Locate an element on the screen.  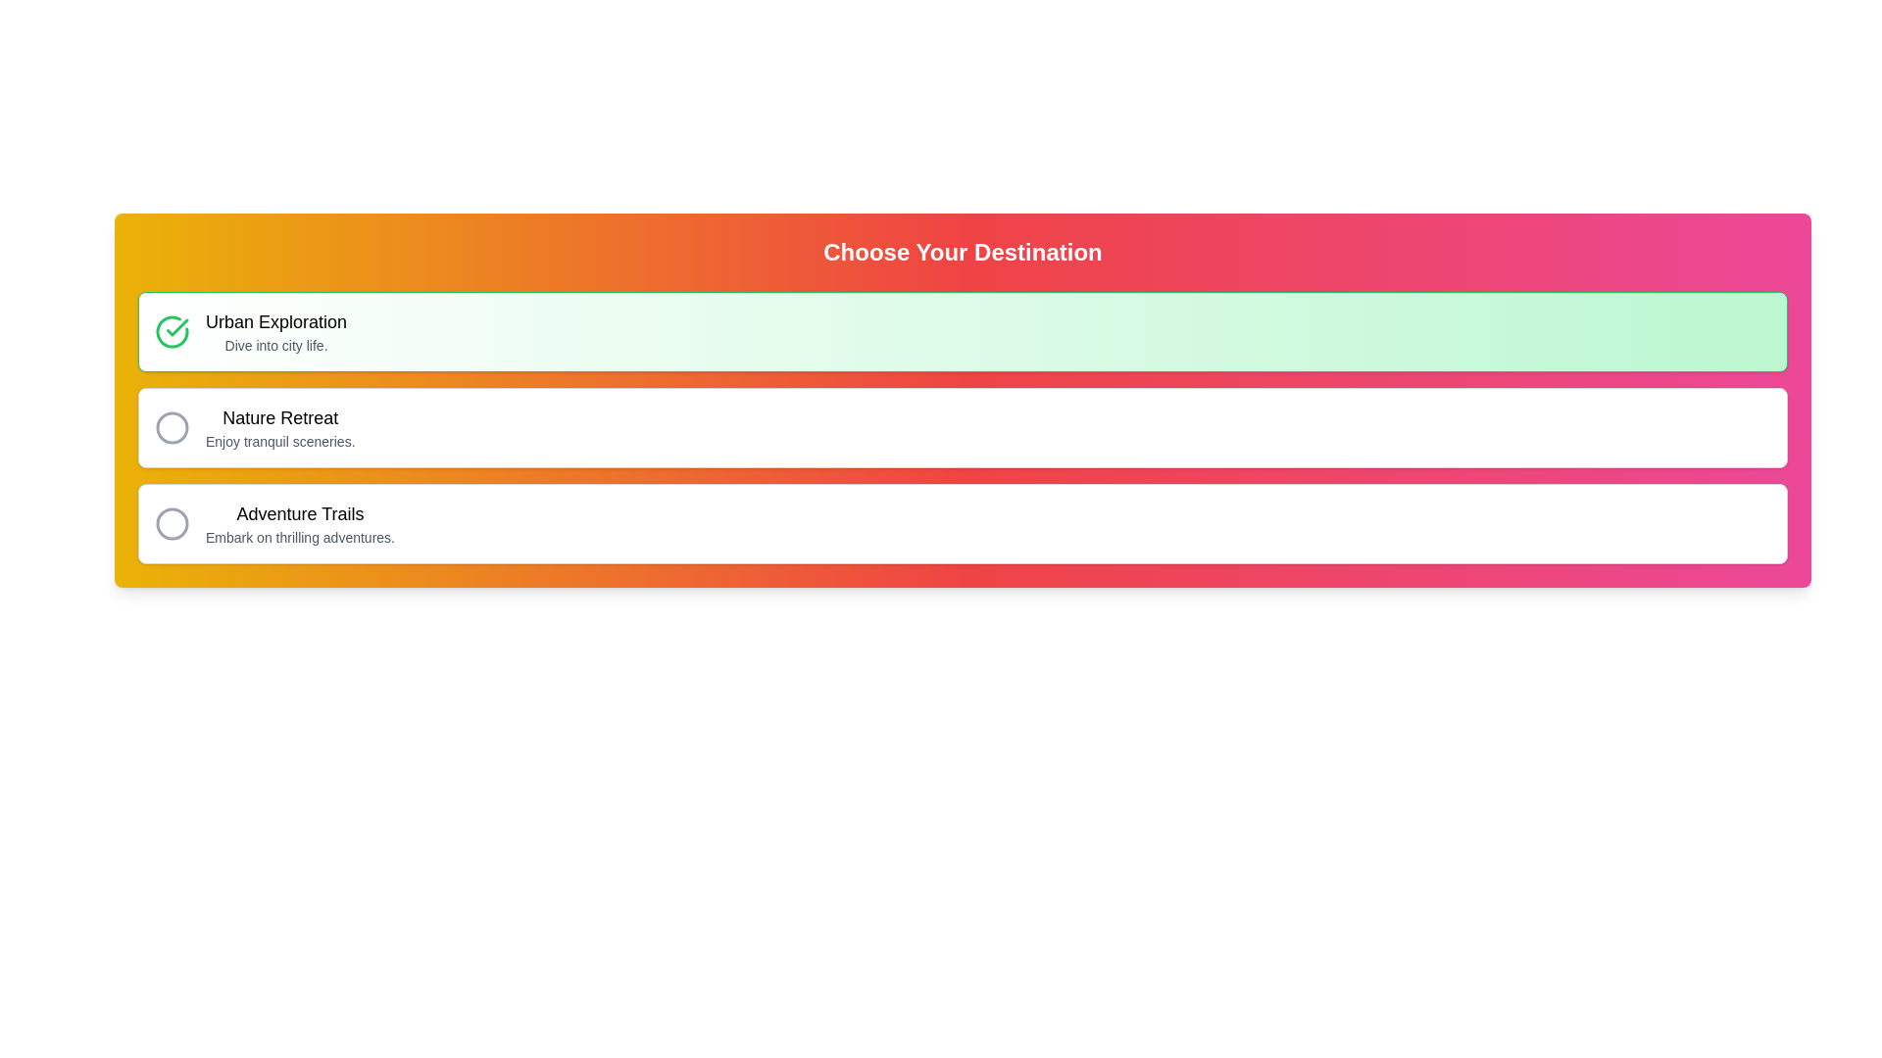
the Indicator Icon element with a green border and checkmark indicating selection for the 'Urban Exploration' item in the vertical menu is located at coordinates (173, 331).